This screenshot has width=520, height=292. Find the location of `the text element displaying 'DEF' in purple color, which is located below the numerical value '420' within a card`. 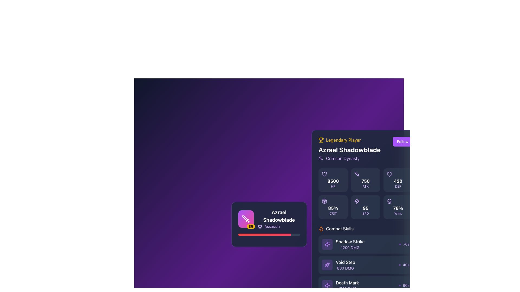

the text element displaying 'DEF' in purple color, which is located below the numerical value '420' within a card is located at coordinates (398, 186).